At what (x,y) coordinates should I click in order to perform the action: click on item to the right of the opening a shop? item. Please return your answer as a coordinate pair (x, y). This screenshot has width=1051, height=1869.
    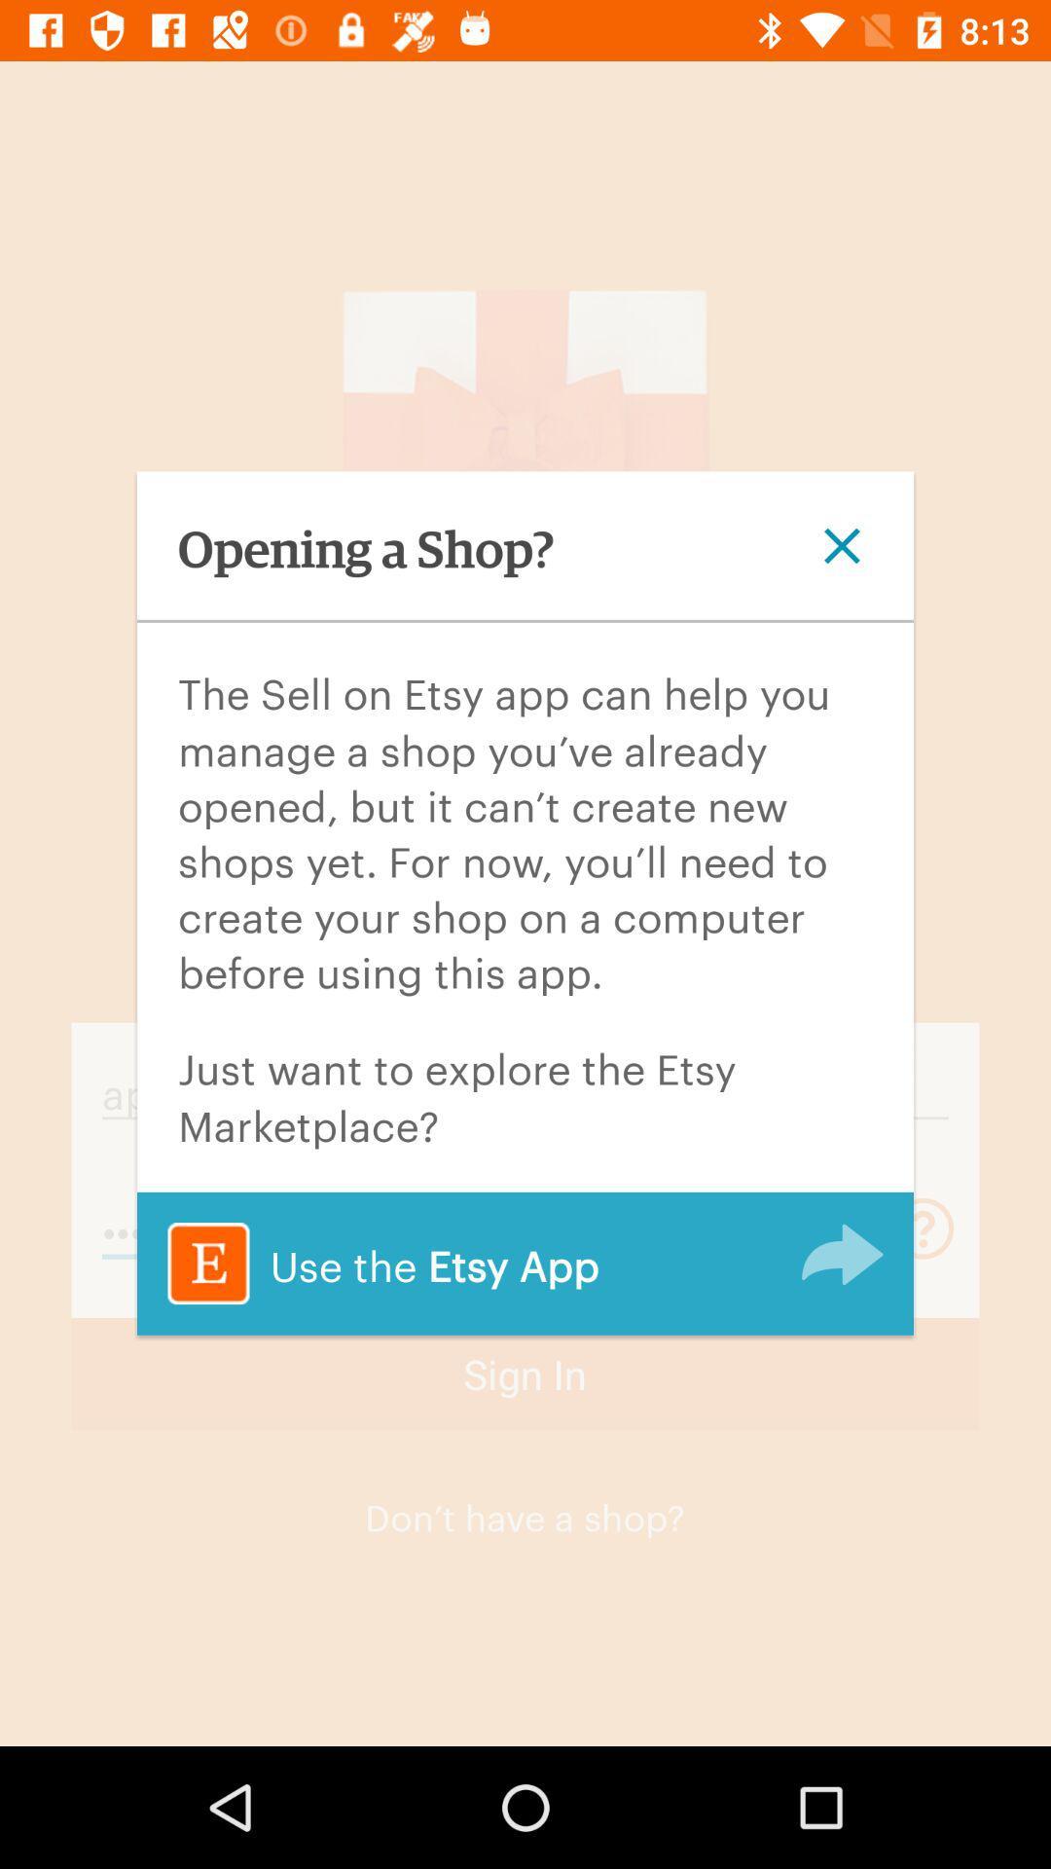
    Looking at the image, I should click on (841, 545).